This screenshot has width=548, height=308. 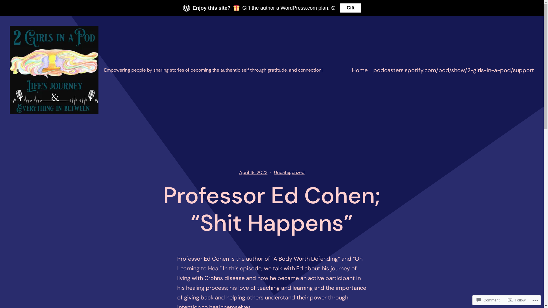 I want to click on 'April 18, 2023', so click(x=239, y=172).